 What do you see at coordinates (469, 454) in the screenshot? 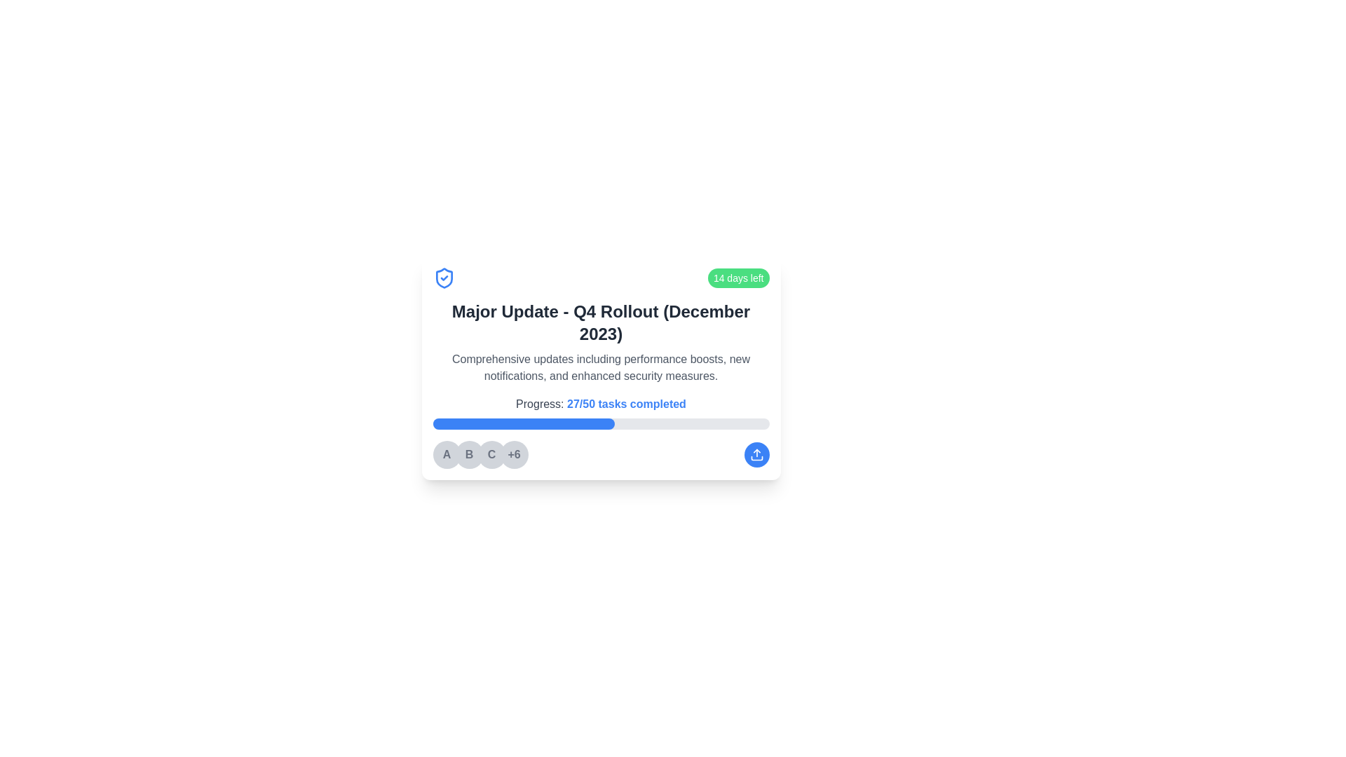
I see `the Circular Badge, which is the second item in a horizontal sequence, located near the bottom of a card-like interface, for information` at bounding box center [469, 454].